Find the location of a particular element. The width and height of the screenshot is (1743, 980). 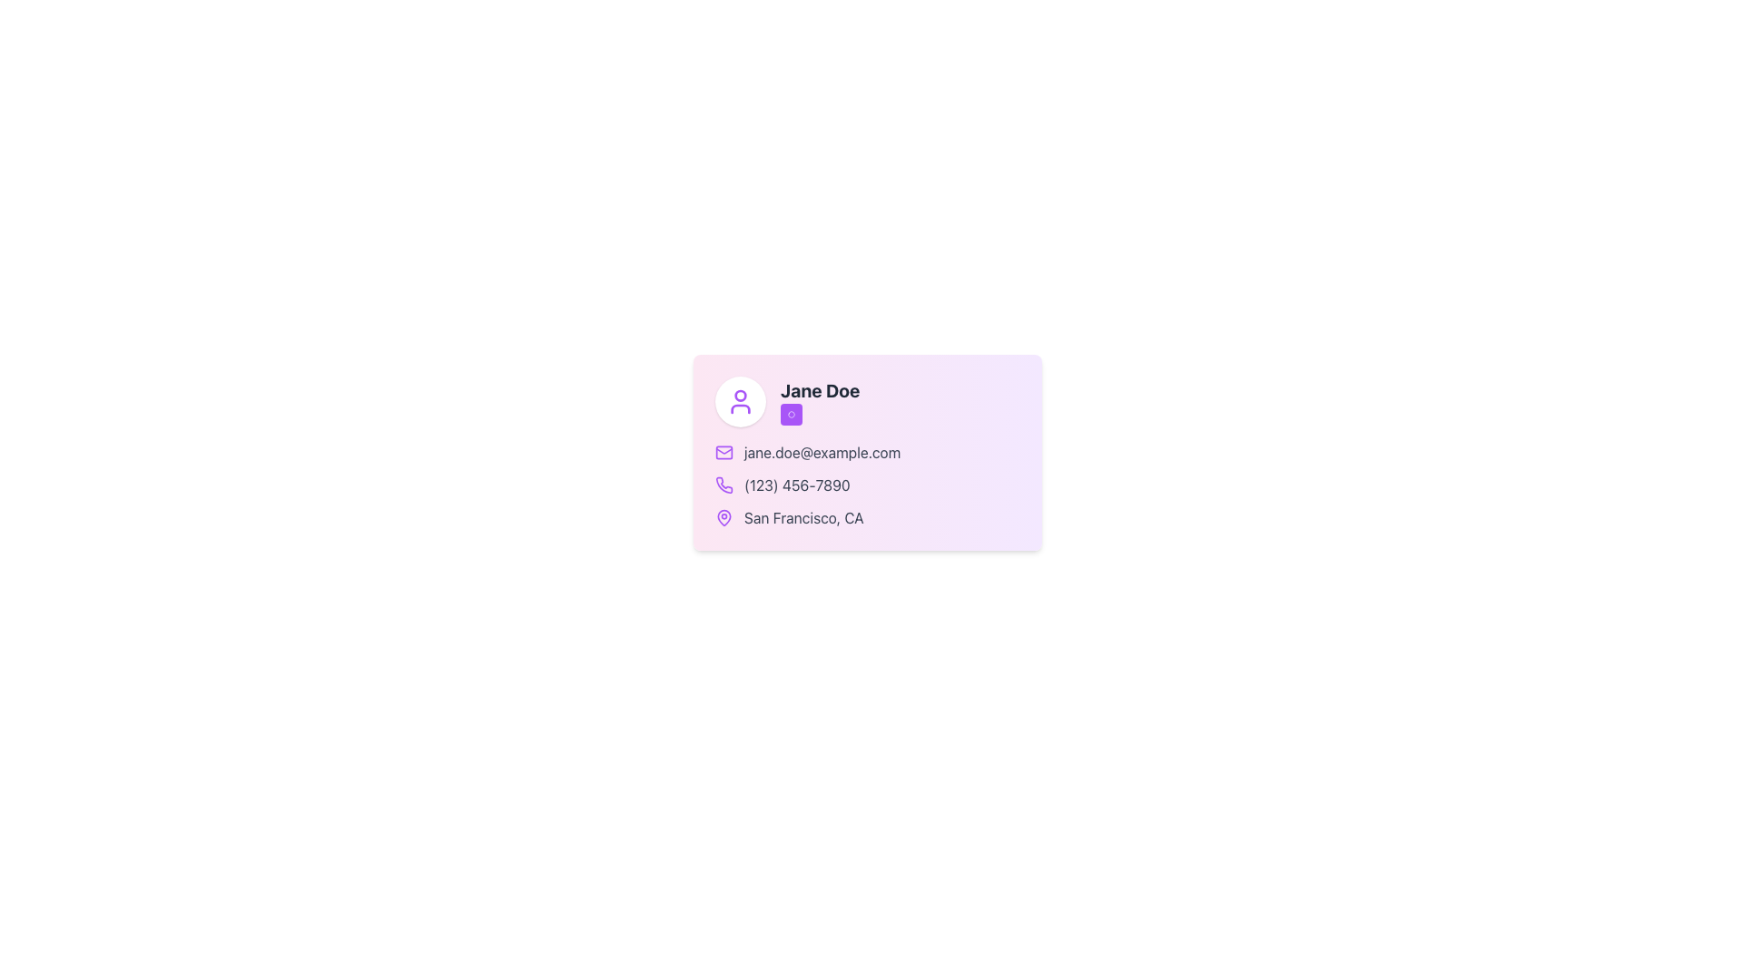

the text label displaying the user's email address, which is the first element in a vertical layout below the user's name in the card interface is located at coordinates (866, 451).